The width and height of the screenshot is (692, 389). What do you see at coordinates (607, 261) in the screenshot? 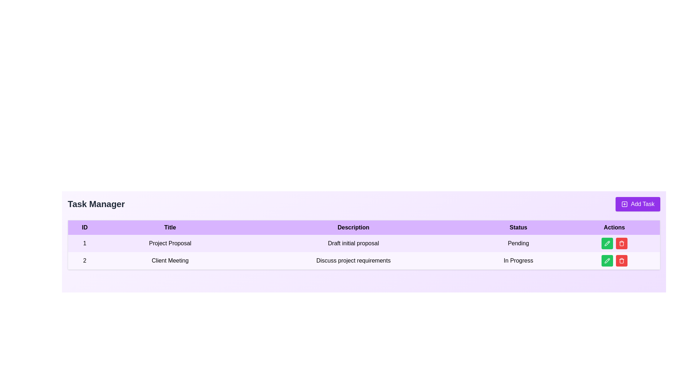
I see `the 'Edit' icon located in the 'Actions' column for the second task in the task table` at bounding box center [607, 261].